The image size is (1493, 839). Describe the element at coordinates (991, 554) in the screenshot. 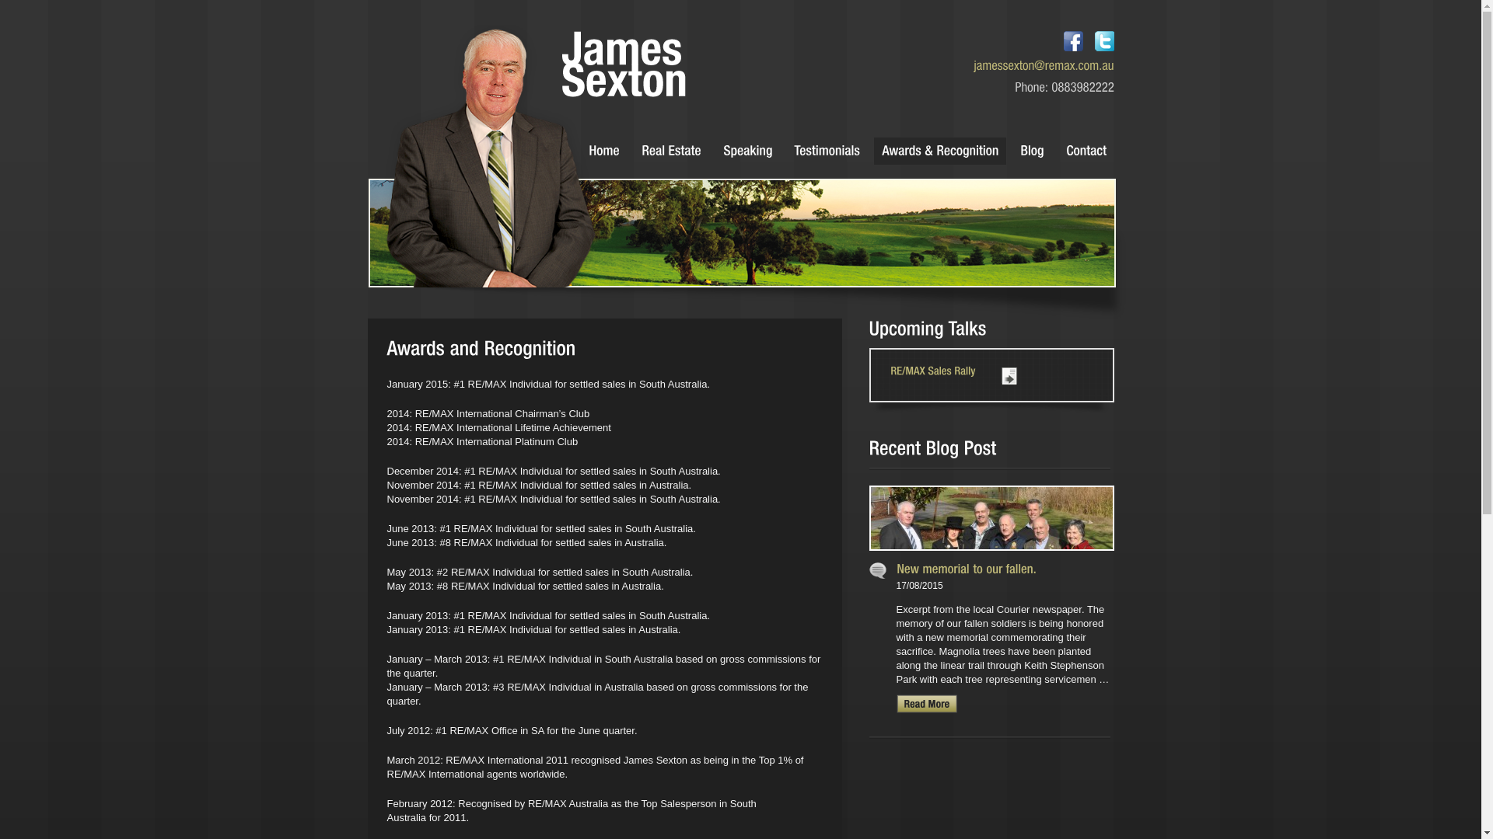

I see `'Permalink to New memorial to our fallen.'` at that location.